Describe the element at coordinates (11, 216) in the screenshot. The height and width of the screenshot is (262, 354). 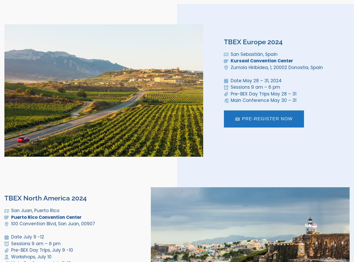
I see `'Puerto Rico Convention Center'` at that location.